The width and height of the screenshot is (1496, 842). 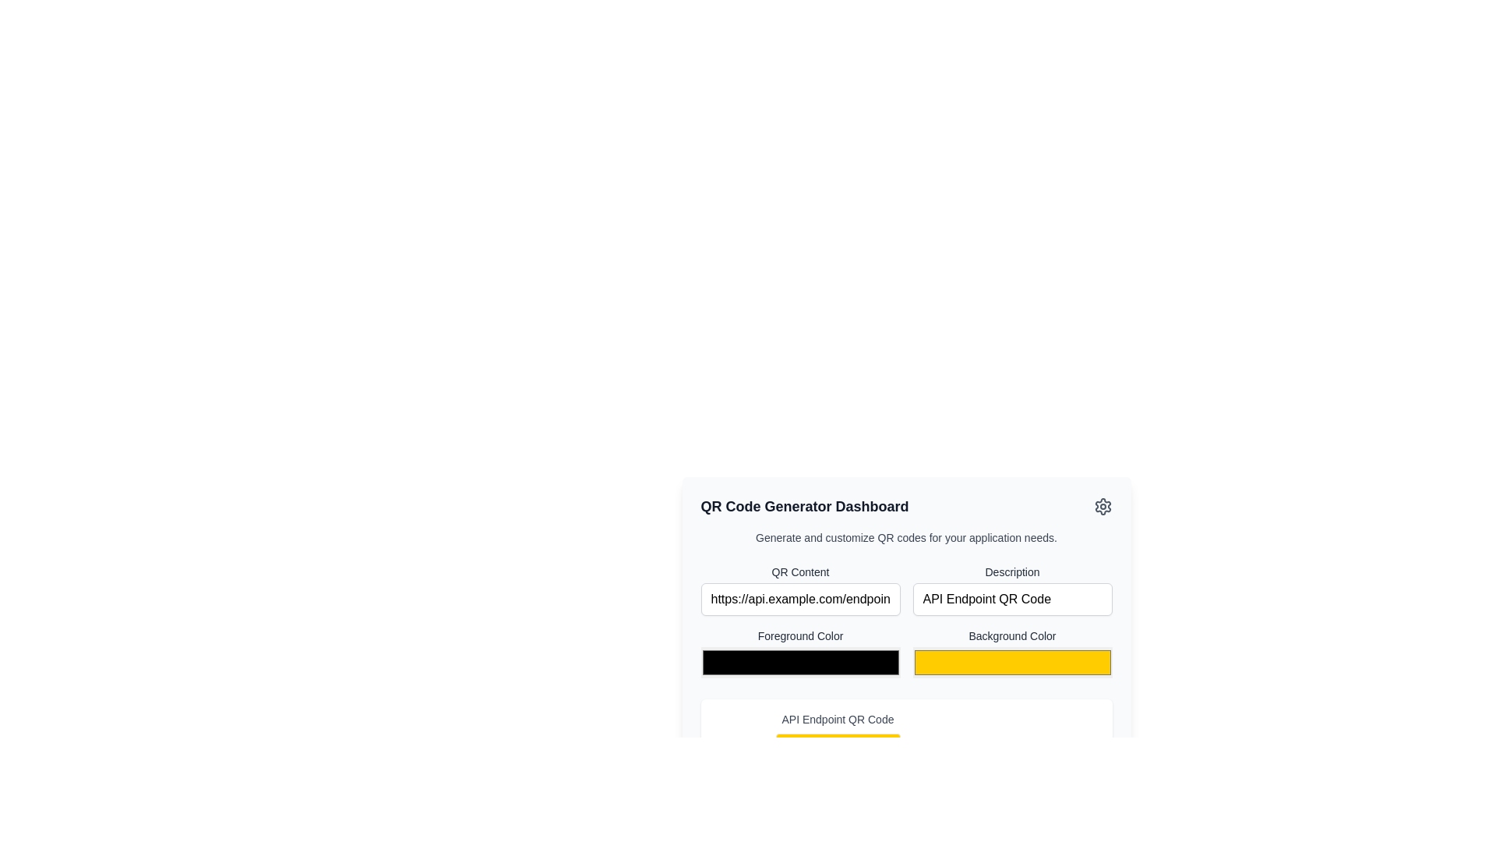 What do you see at coordinates (804, 507) in the screenshot?
I see `the Text Label that serves as a title for the QR Code Generator Dashboard, positioned at the upper left of its section` at bounding box center [804, 507].